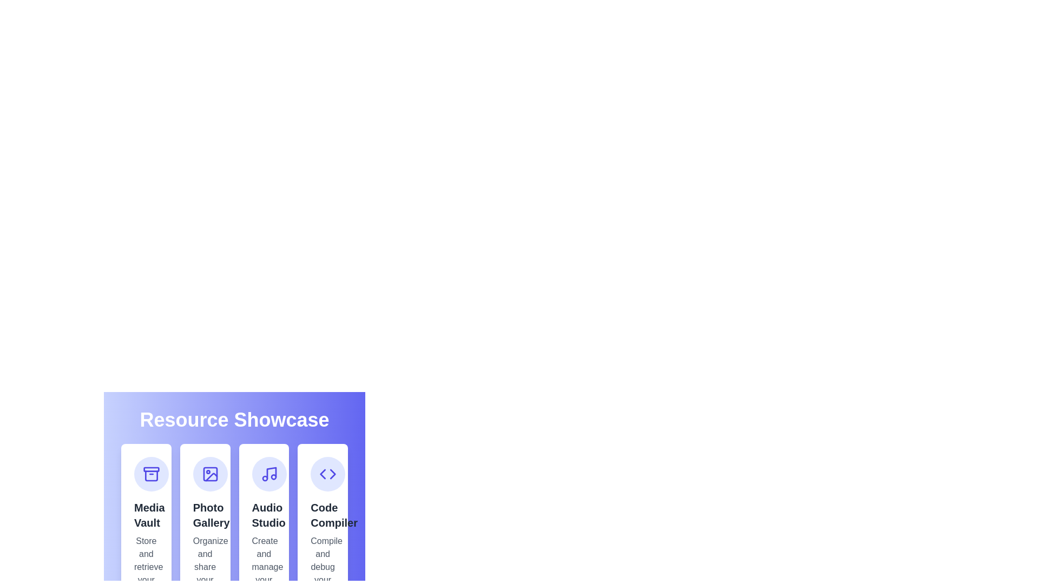 The width and height of the screenshot is (1039, 584). What do you see at coordinates (150, 473) in the screenshot?
I see `the small purple outlined archive box icon located above the 'Media Vault' text in the first card section of the 'Resource Showcase' area` at bounding box center [150, 473].